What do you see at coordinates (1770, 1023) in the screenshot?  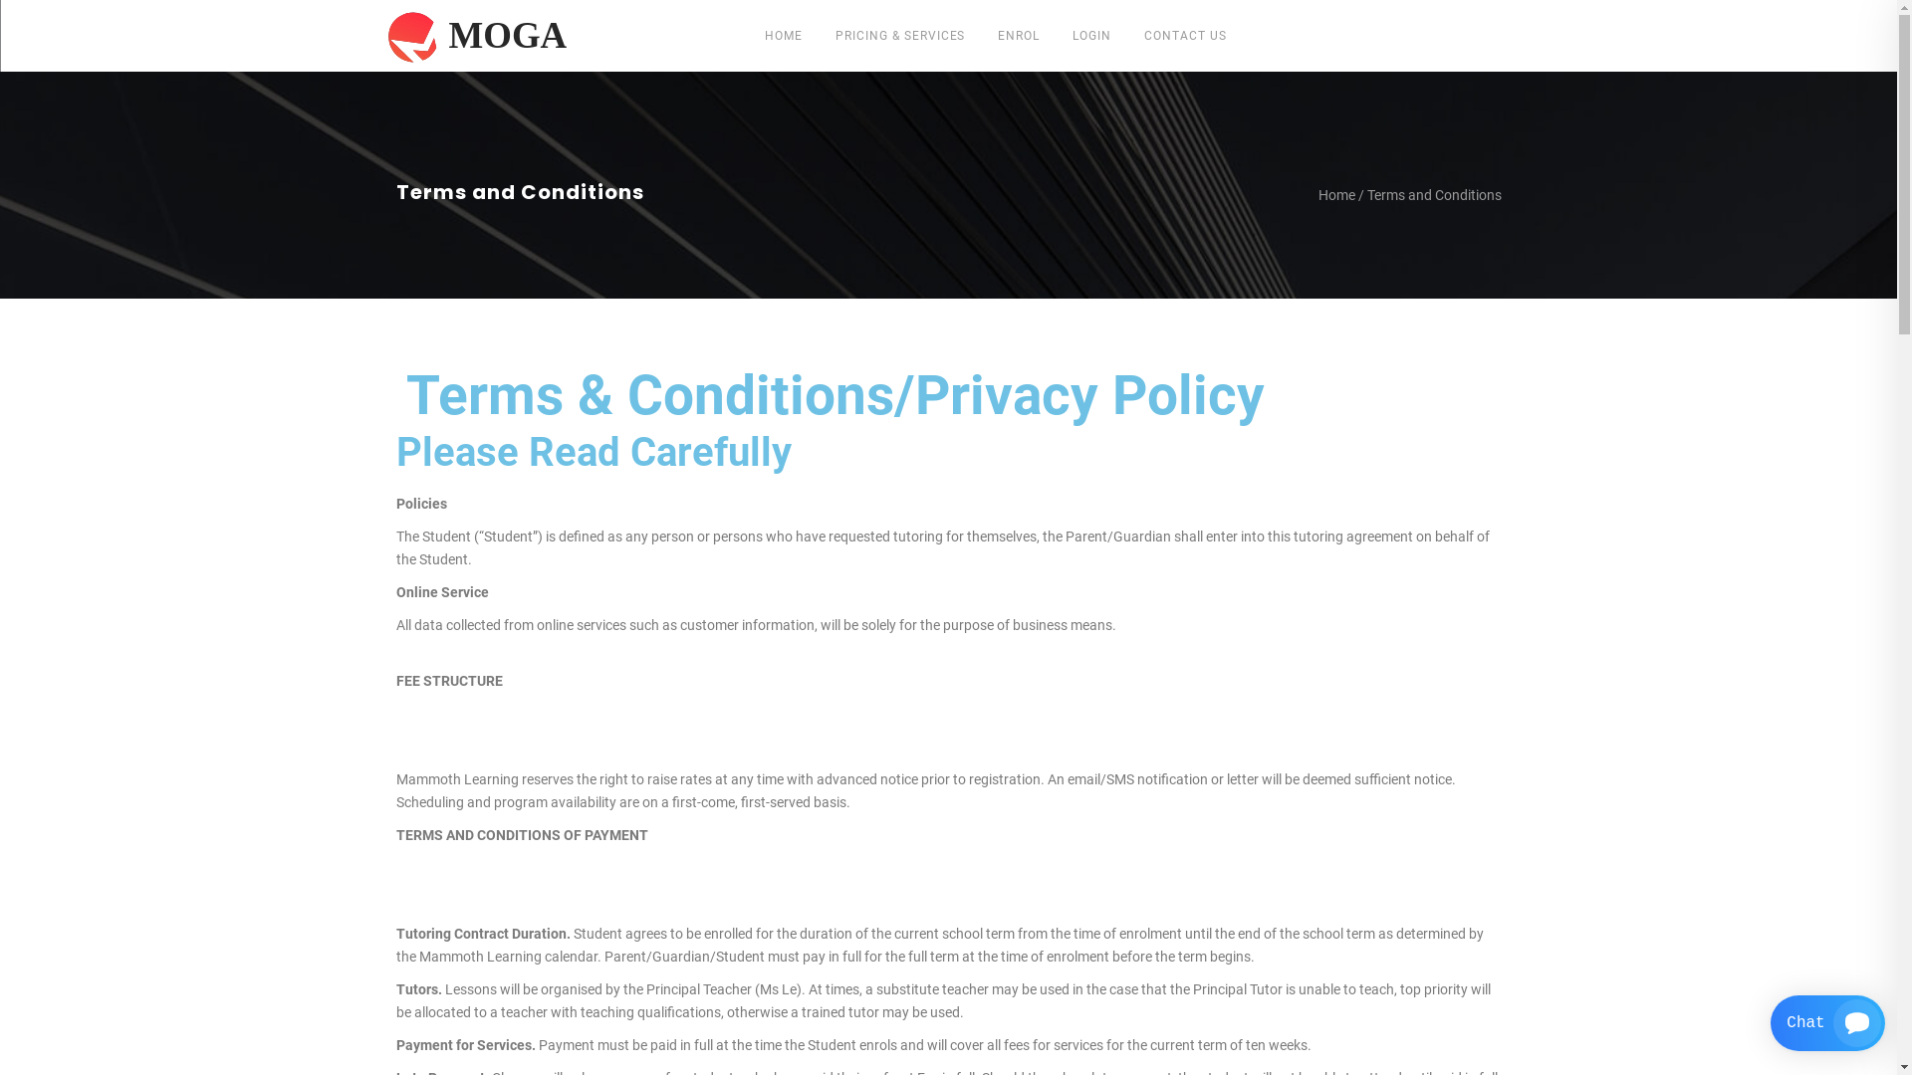 I see `'Smartsupp widget button'` at bounding box center [1770, 1023].